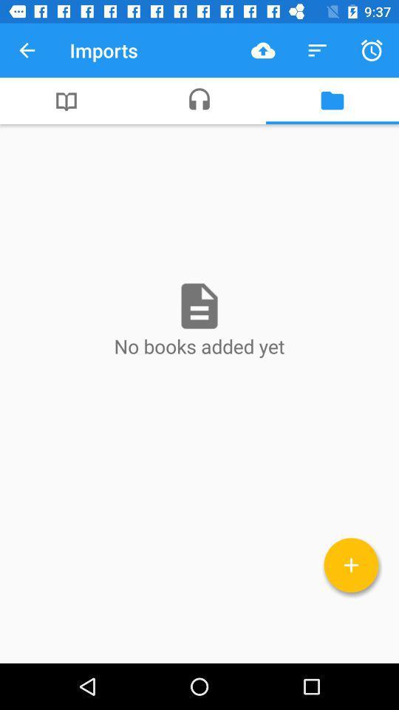 The image size is (399, 710). Describe the element at coordinates (262, 50) in the screenshot. I see `icon to the right of imports item` at that location.